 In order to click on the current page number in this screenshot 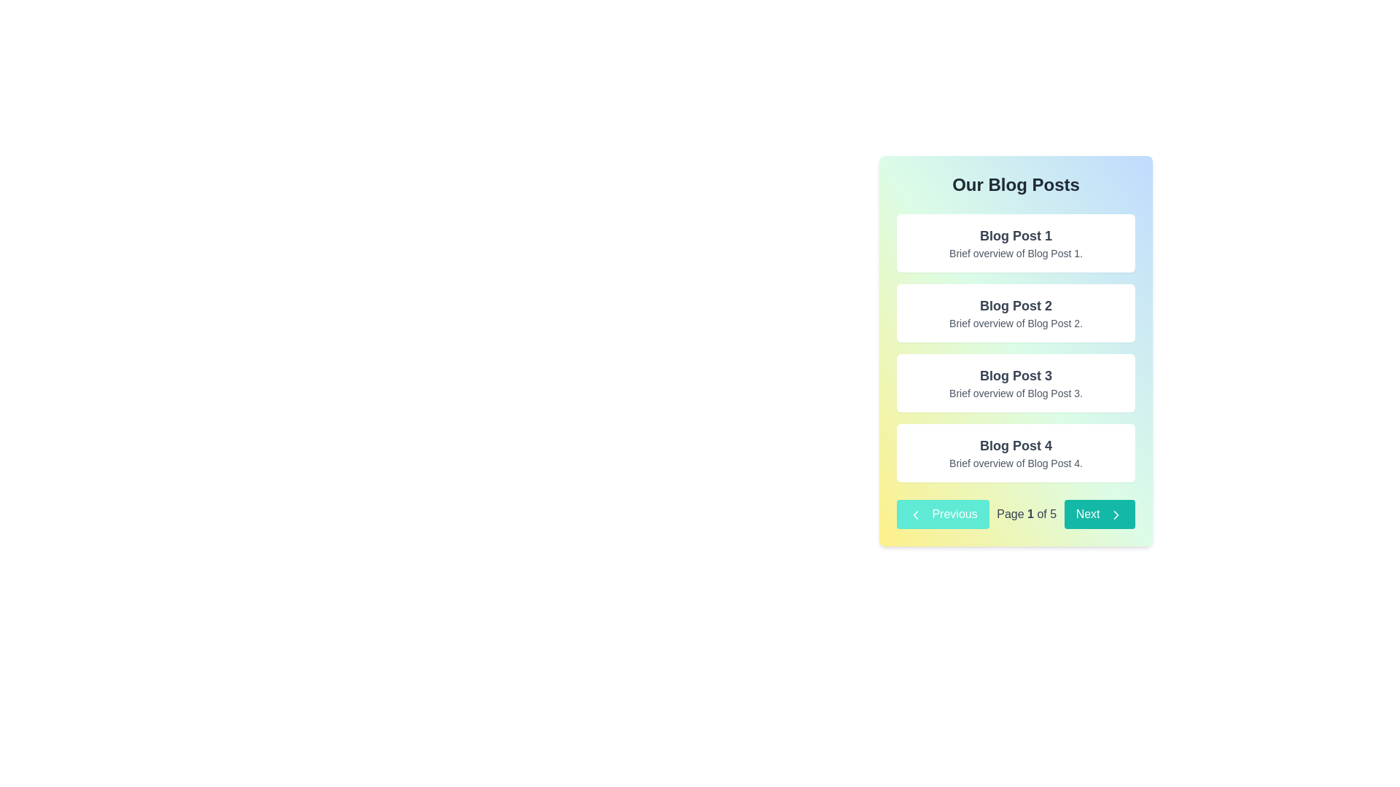, I will do `click(1030, 513)`.